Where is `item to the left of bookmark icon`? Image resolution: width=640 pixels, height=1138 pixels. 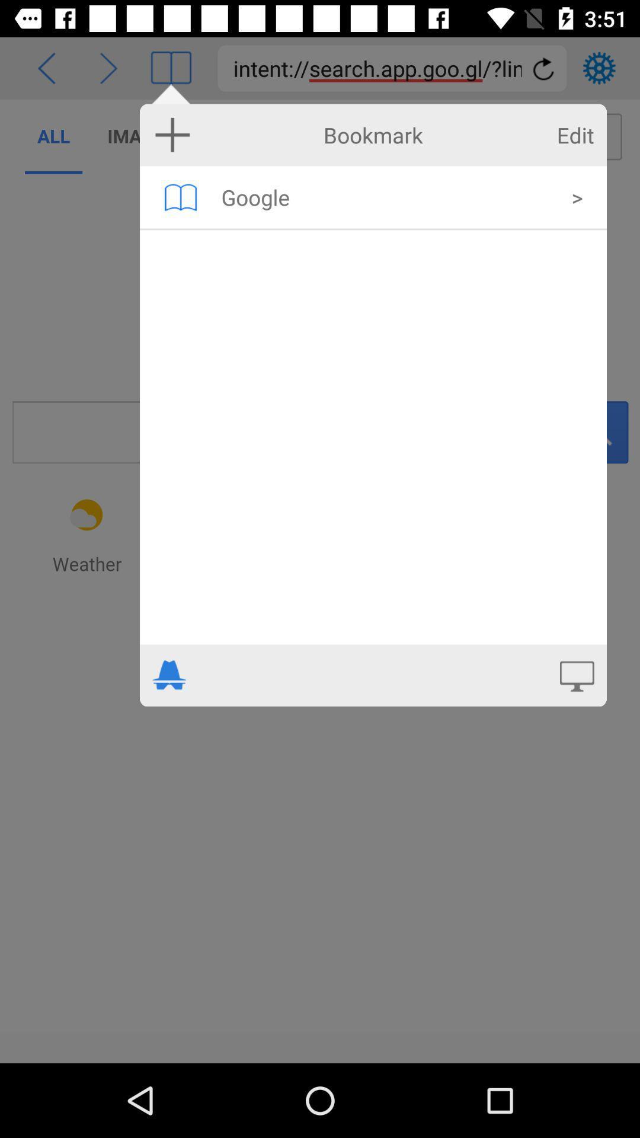 item to the left of bookmark icon is located at coordinates (172, 135).